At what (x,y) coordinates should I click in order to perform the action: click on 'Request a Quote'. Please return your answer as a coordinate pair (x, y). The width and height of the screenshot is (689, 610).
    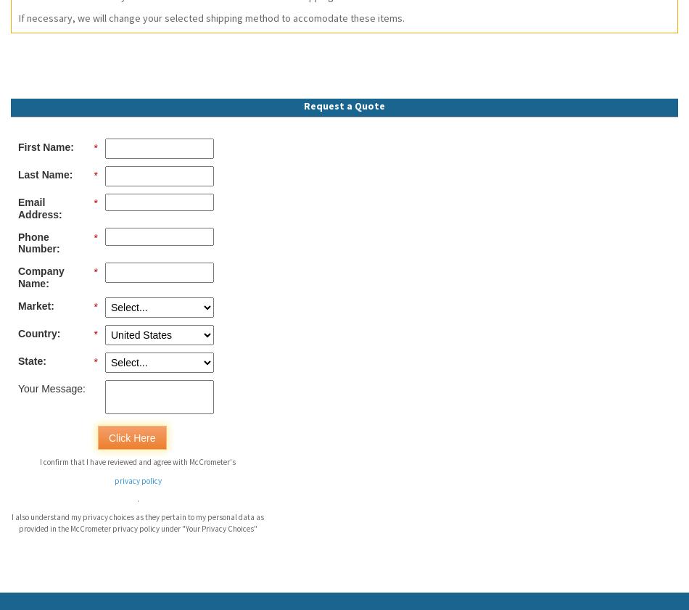
    Looking at the image, I should click on (303, 104).